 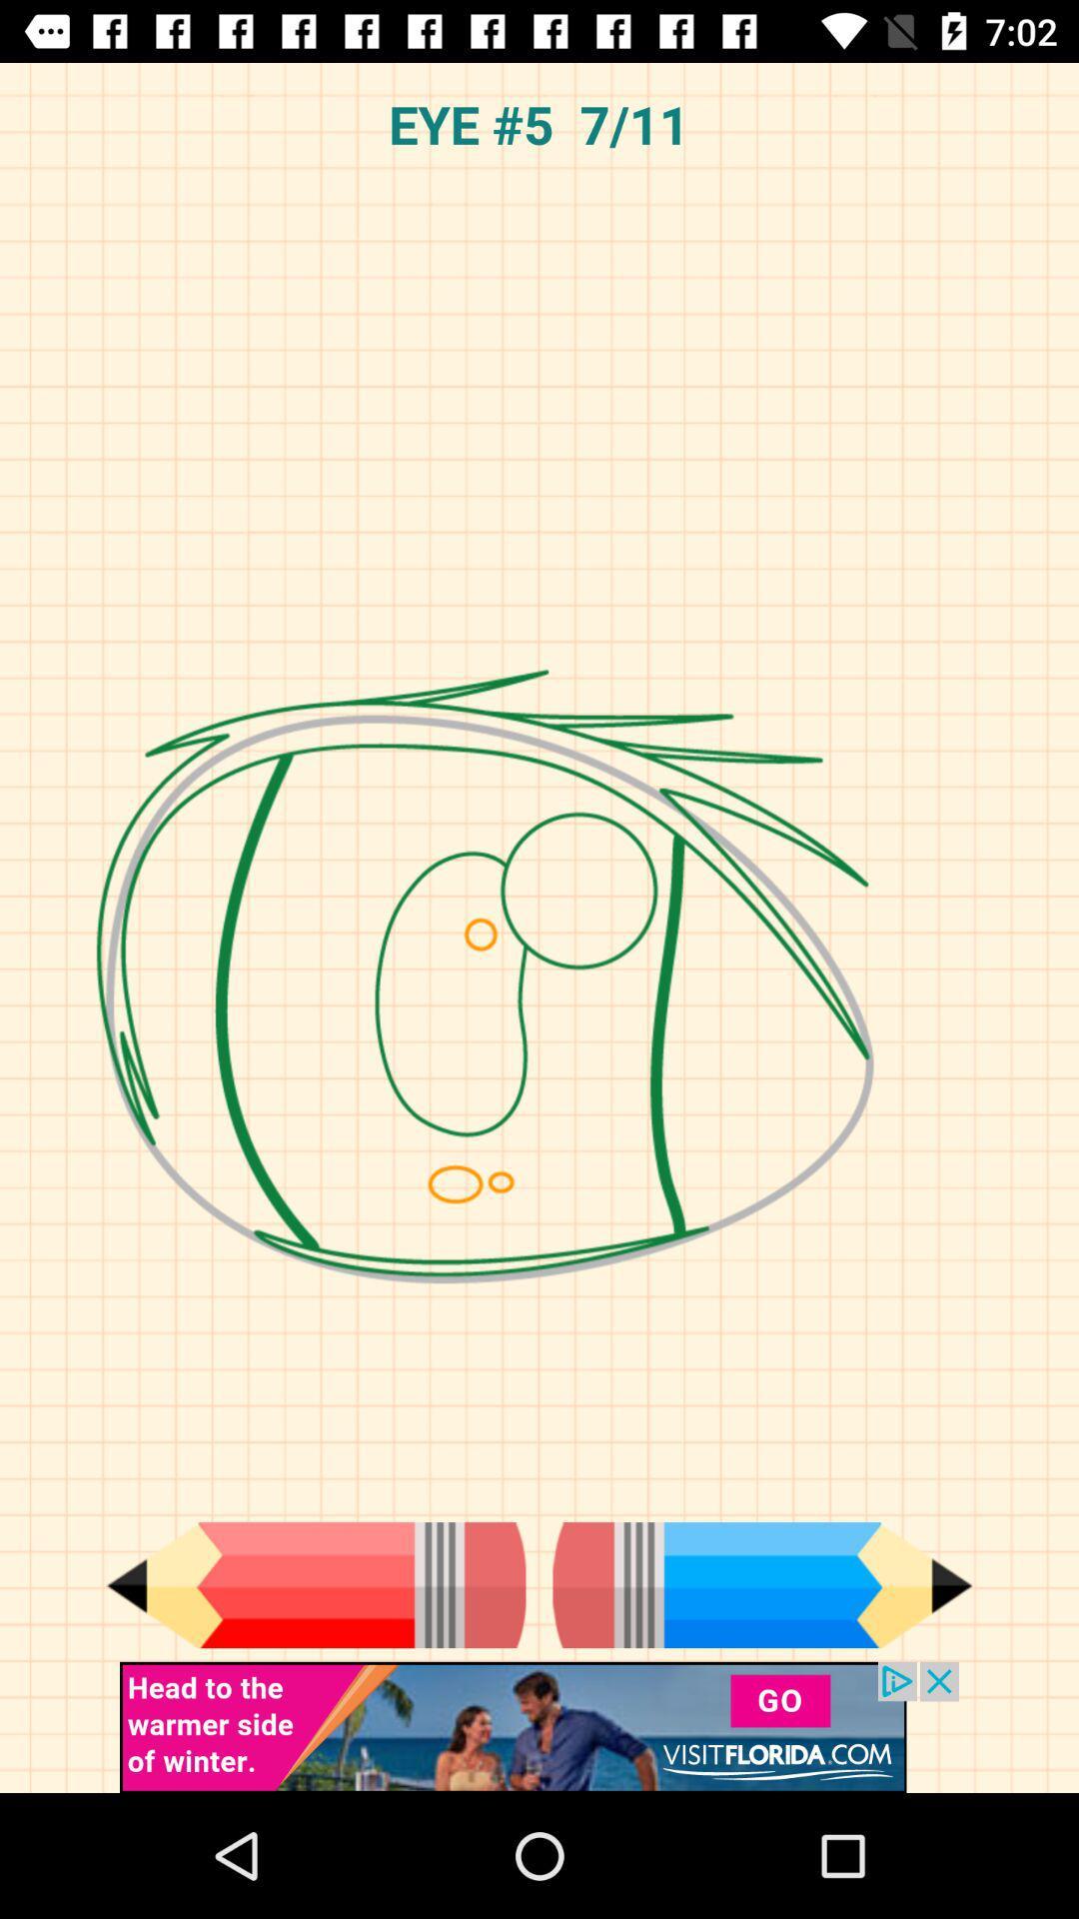 What do you see at coordinates (315, 1584) in the screenshot?
I see `red pencil option` at bounding box center [315, 1584].